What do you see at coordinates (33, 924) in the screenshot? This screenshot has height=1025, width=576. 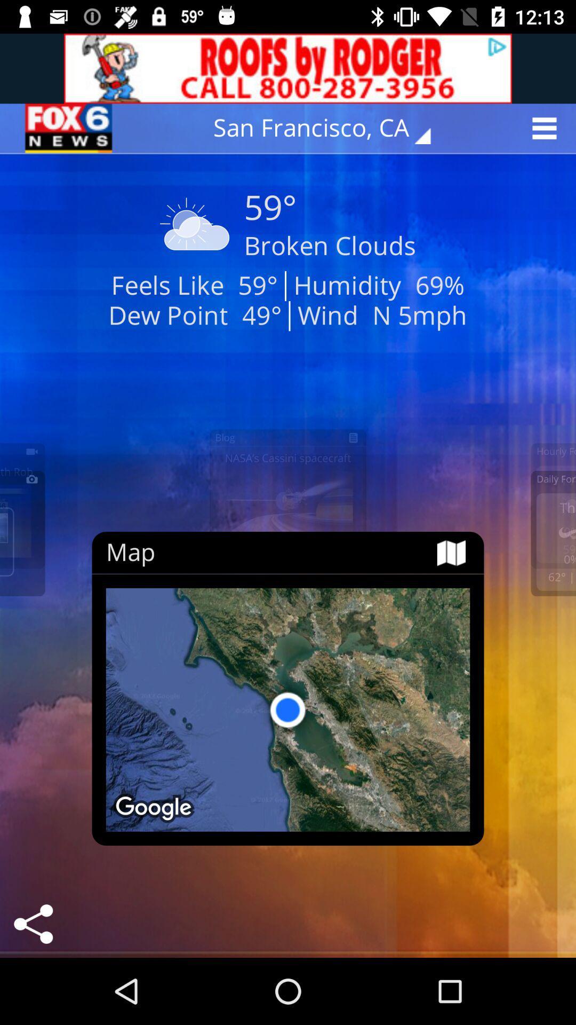 I see `the share icon` at bounding box center [33, 924].